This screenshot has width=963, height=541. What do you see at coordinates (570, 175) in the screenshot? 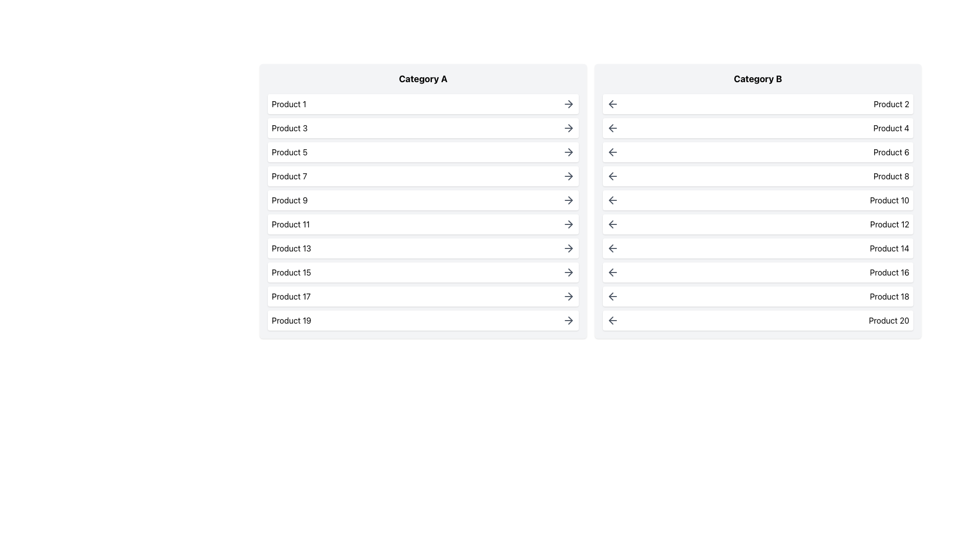
I see `the actionable icon located in the rightmost column of the 'Product 7' row in the 'Category A' section` at bounding box center [570, 175].